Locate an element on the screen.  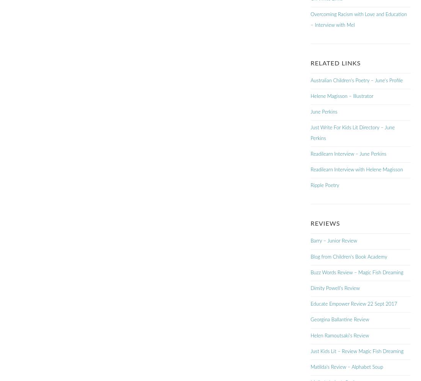
'Readilearn Interview – June Perkins' is located at coordinates (348, 153).